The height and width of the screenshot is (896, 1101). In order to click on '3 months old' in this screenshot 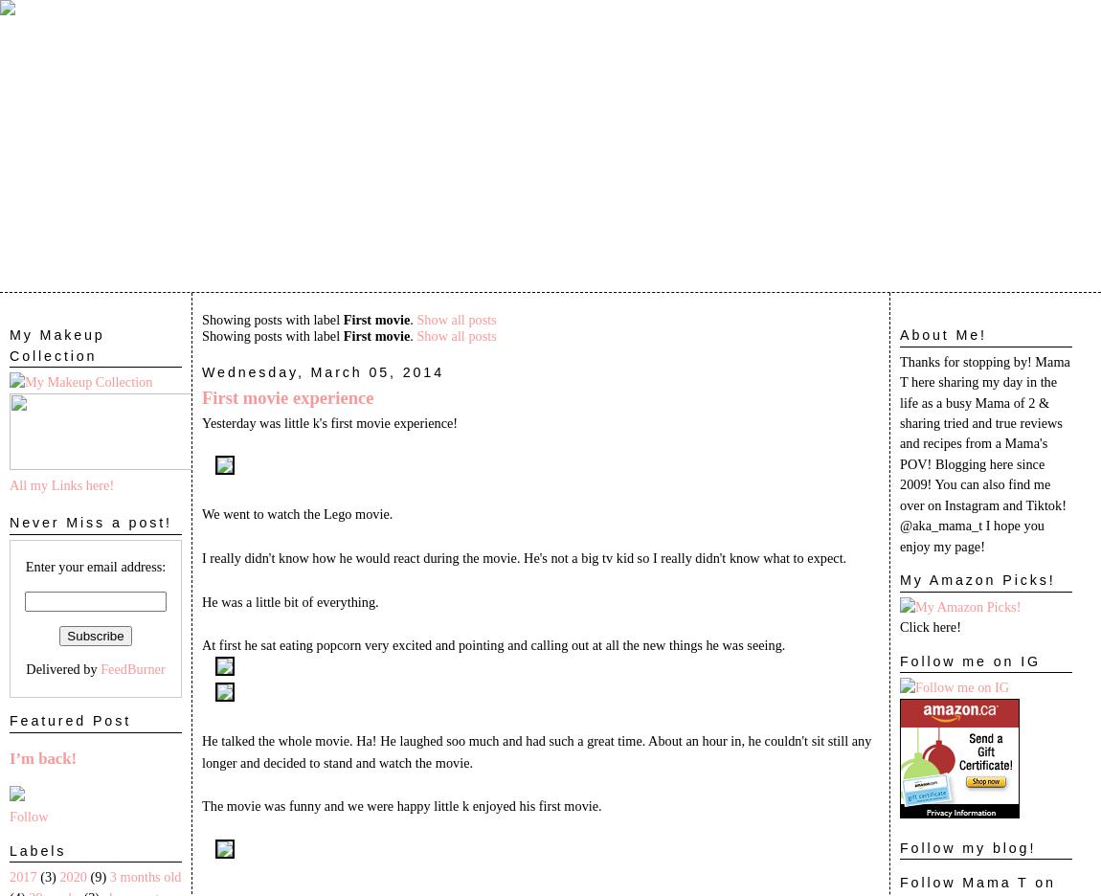, I will do `click(107, 876)`.